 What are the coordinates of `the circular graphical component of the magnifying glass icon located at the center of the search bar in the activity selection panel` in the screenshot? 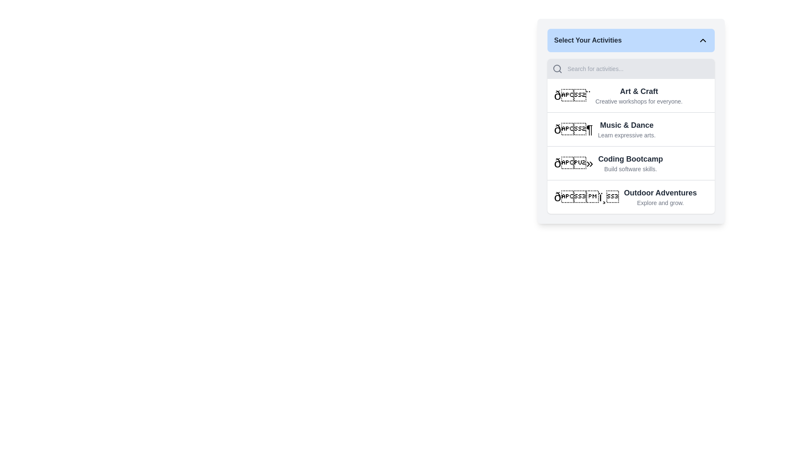 It's located at (557, 68).